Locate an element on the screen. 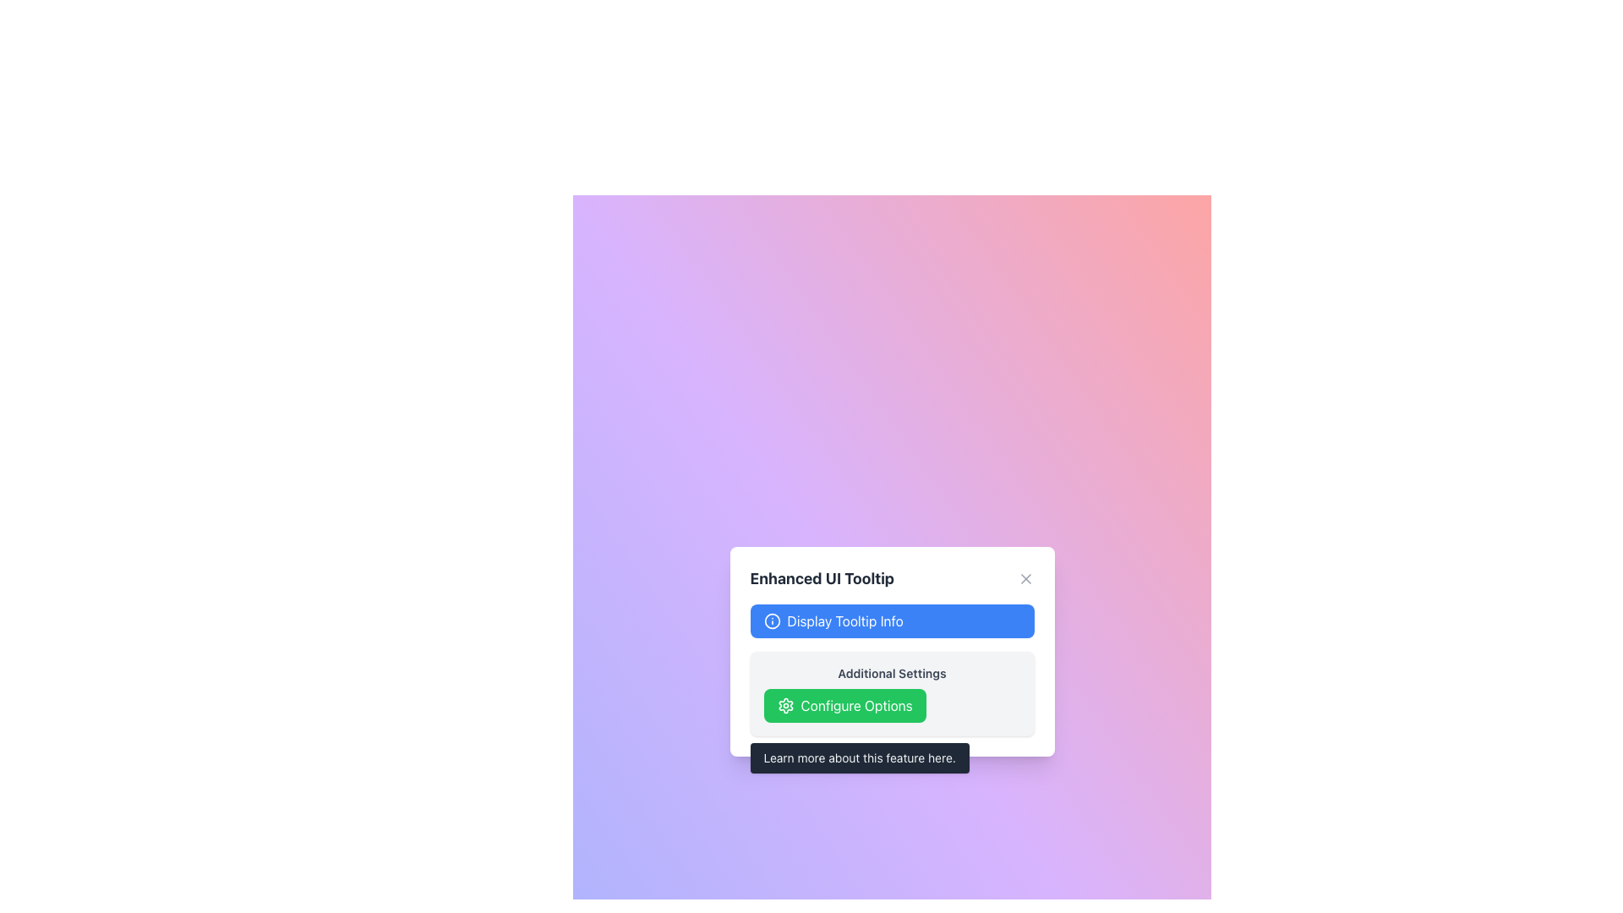 The image size is (1623, 913). the button located at the top of the modal below the title 'Enhanced UI Tooltip' is located at coordinates (891, 621).